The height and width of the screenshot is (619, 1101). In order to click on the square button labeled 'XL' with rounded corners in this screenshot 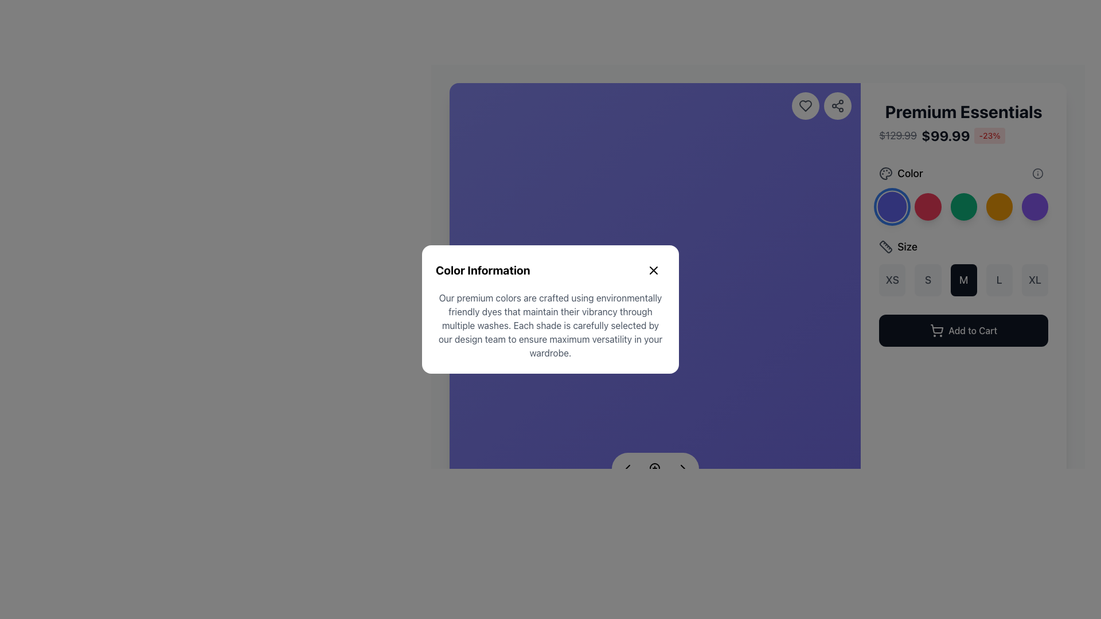, I will do `click(1034, 280)`.